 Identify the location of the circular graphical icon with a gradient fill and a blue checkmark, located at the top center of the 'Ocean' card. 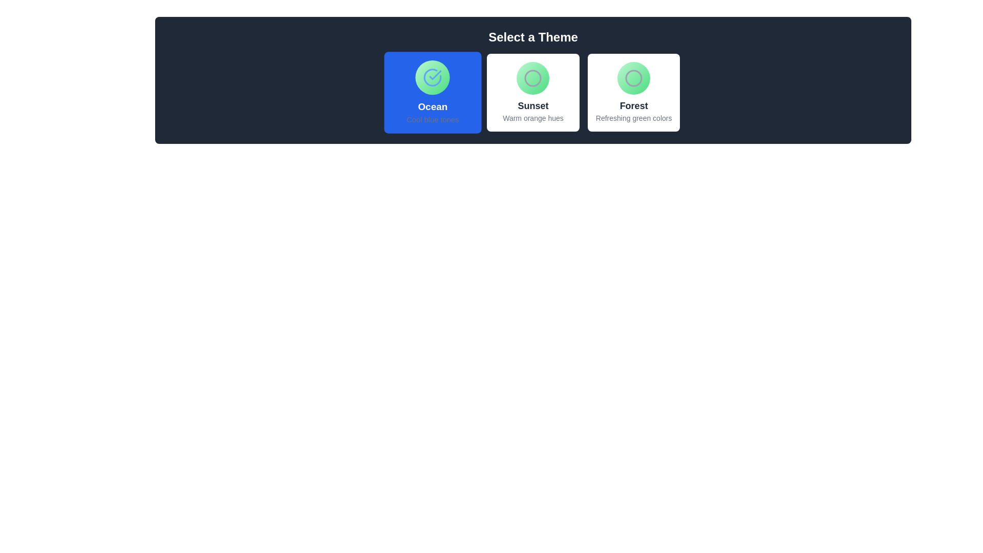
(432, 77).